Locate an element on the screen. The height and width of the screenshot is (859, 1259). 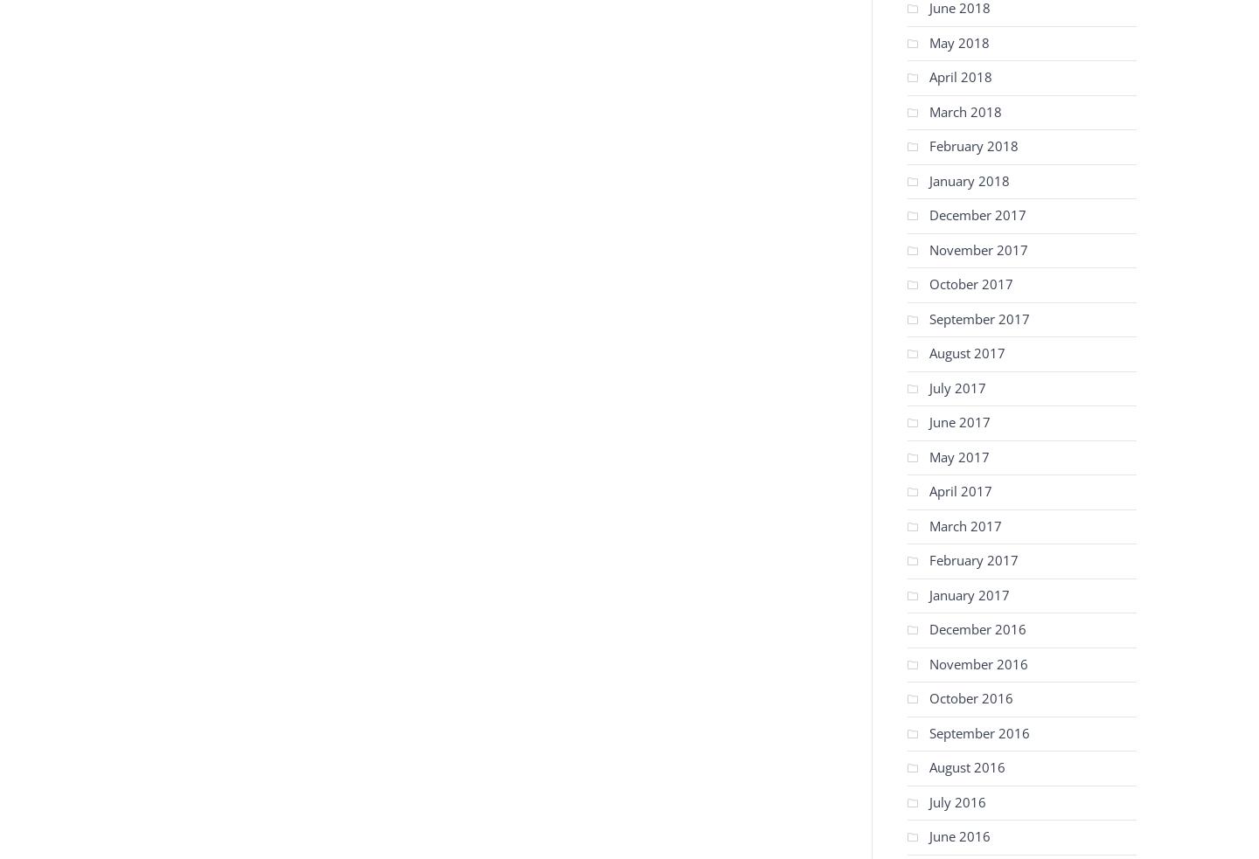
'October 2016' is located at coordinates (970, 696).